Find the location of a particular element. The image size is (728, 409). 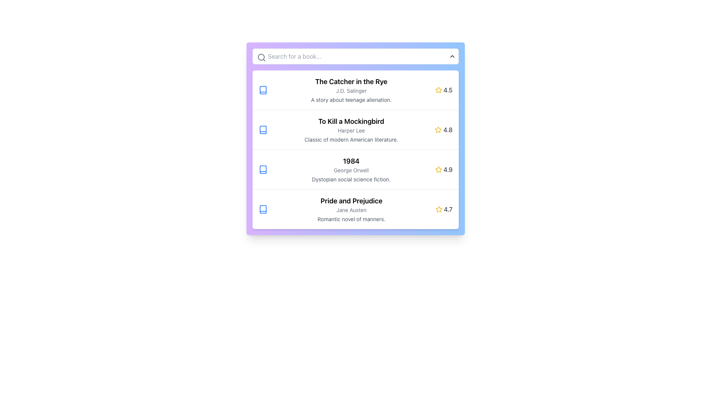

the star icon with a yellow outline that indicates a rating of 4.8, located to the right of the text '4.8' in the book listing for 'To Kill a Mockingbird' is located at coordinates (438, 129).